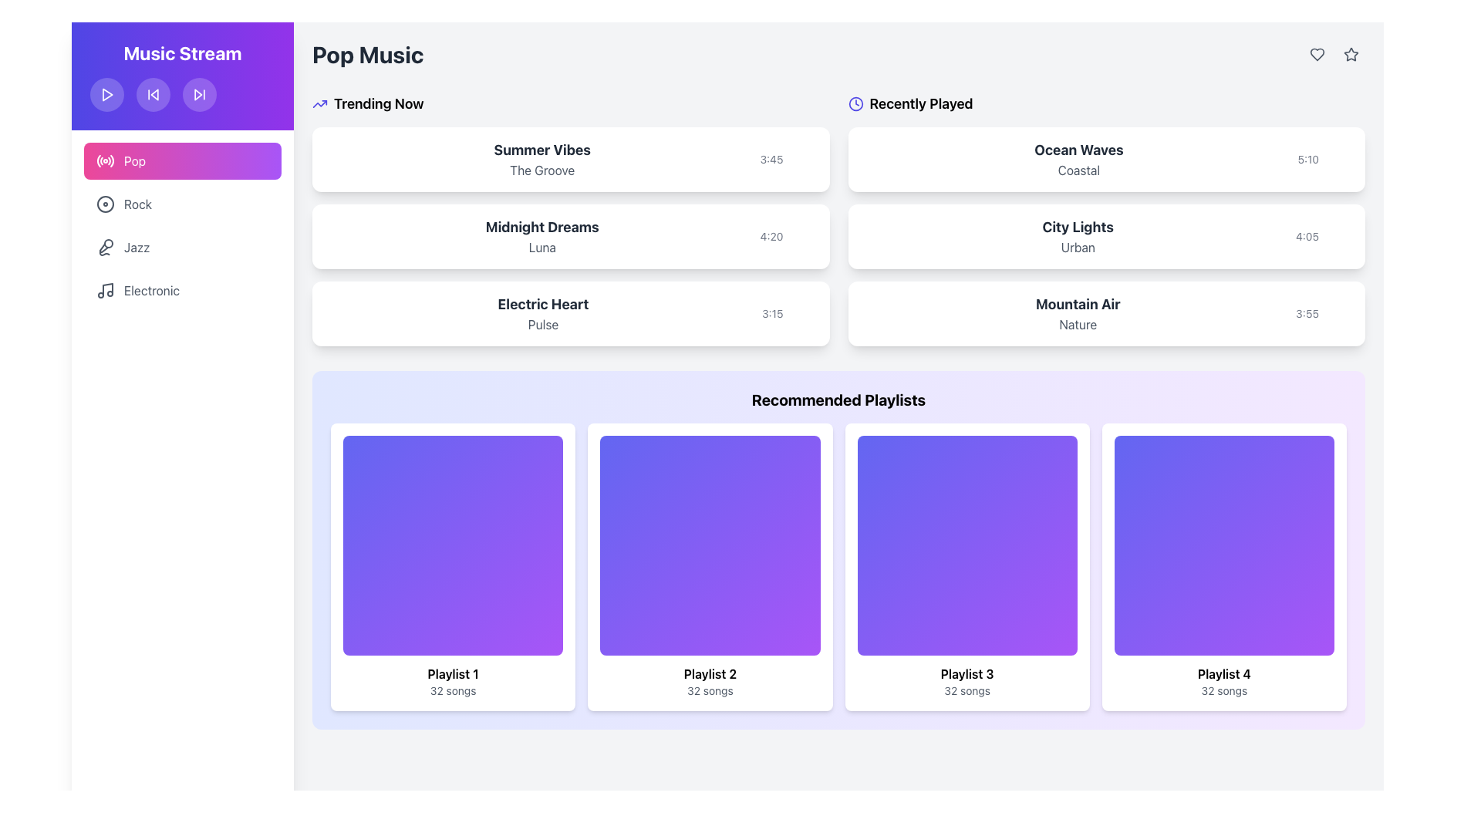 The height and width of the screenshot is (833, 1481). I want to click on the main title of the 'Electric Heart' list item in the 'Trending Now' section, so click(543, 304).